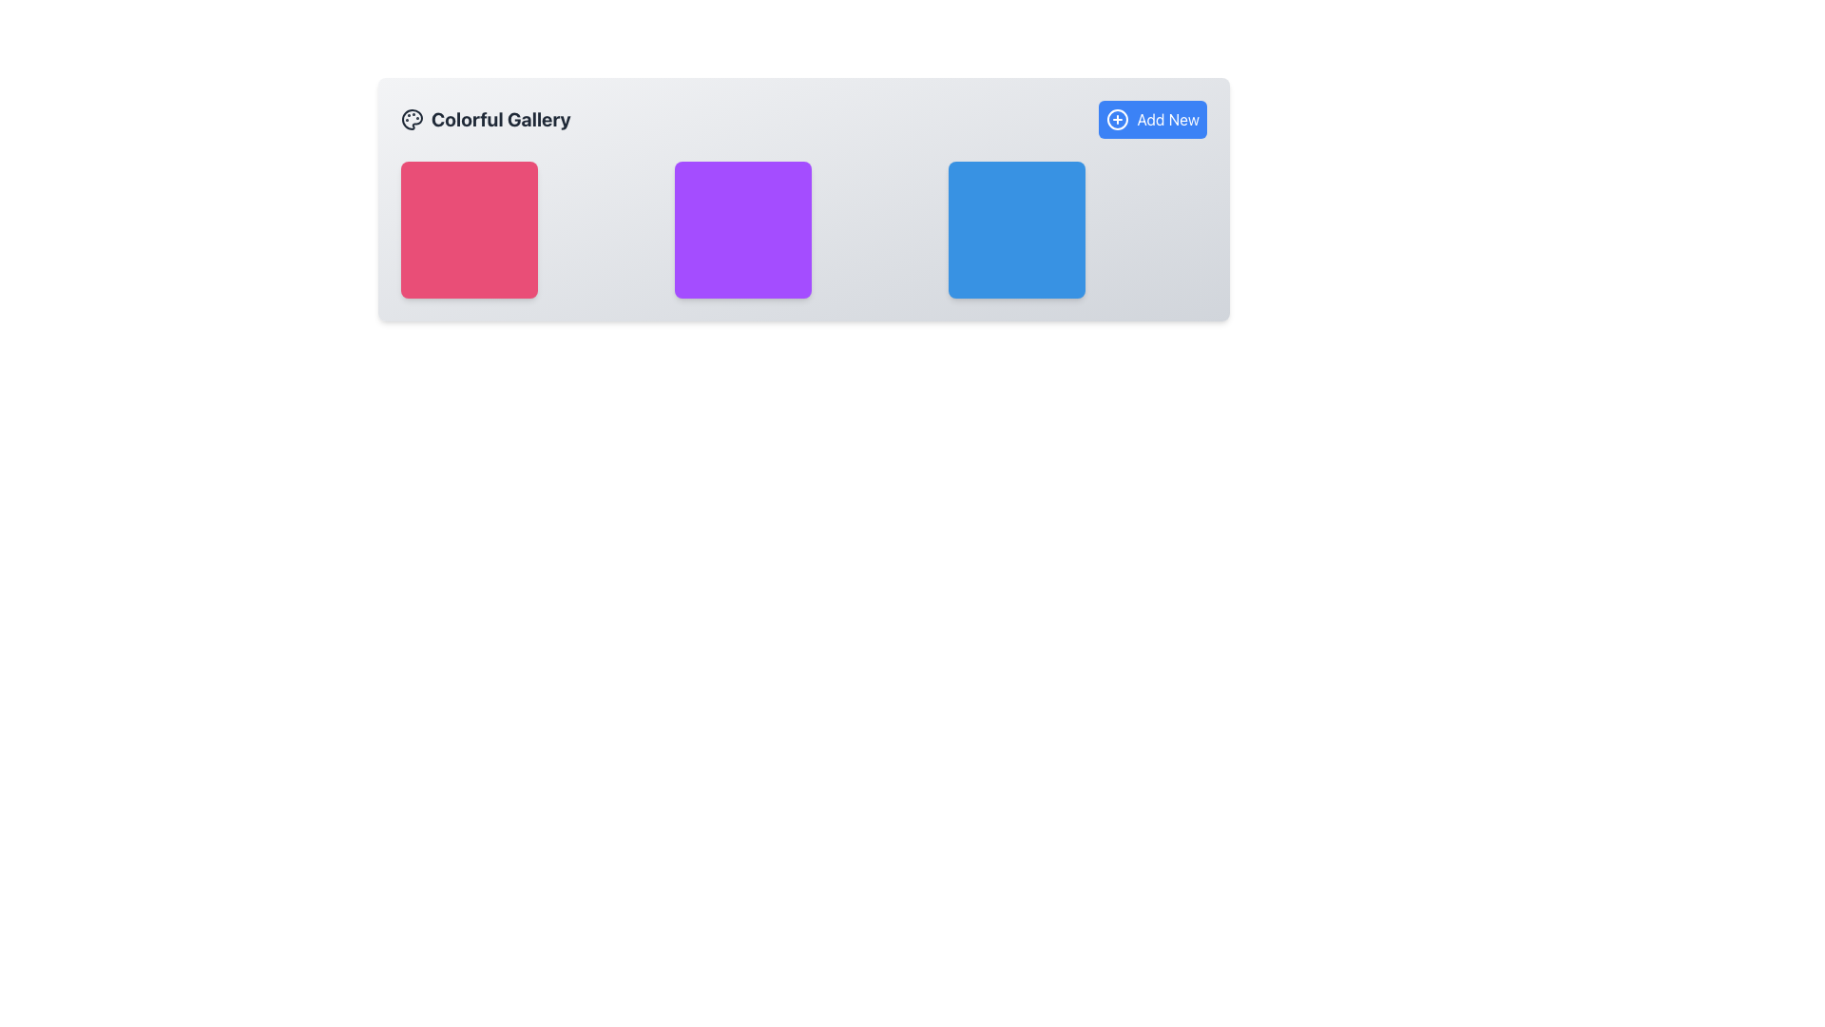 The image size is (1825, 1027). Describe the element at coordinates (1118, 120) in the screenshot. I see `the circular blue icon with a '+' sign inside, located on the far right of the header bar next to the 'Add New' label` at that location.